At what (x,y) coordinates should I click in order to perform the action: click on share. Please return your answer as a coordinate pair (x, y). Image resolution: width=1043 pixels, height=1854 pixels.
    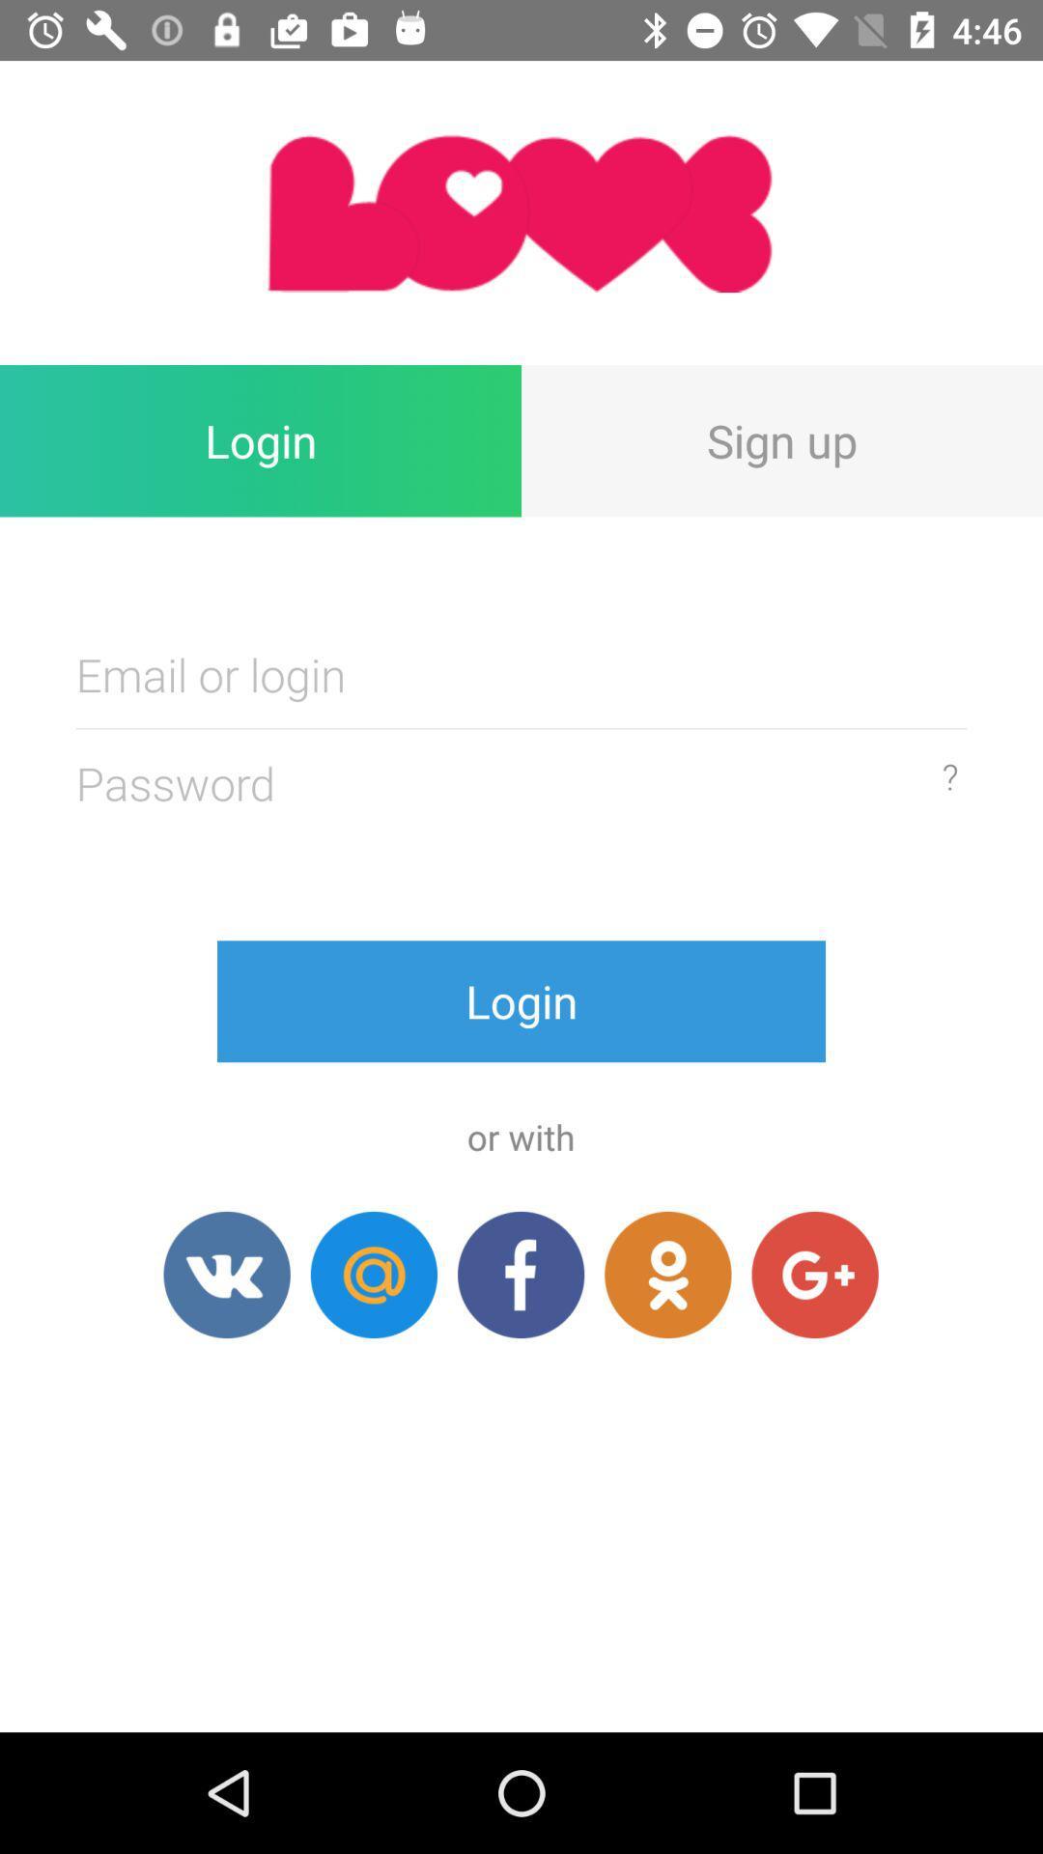
    Looking at the image, I should click on (226, 1275).